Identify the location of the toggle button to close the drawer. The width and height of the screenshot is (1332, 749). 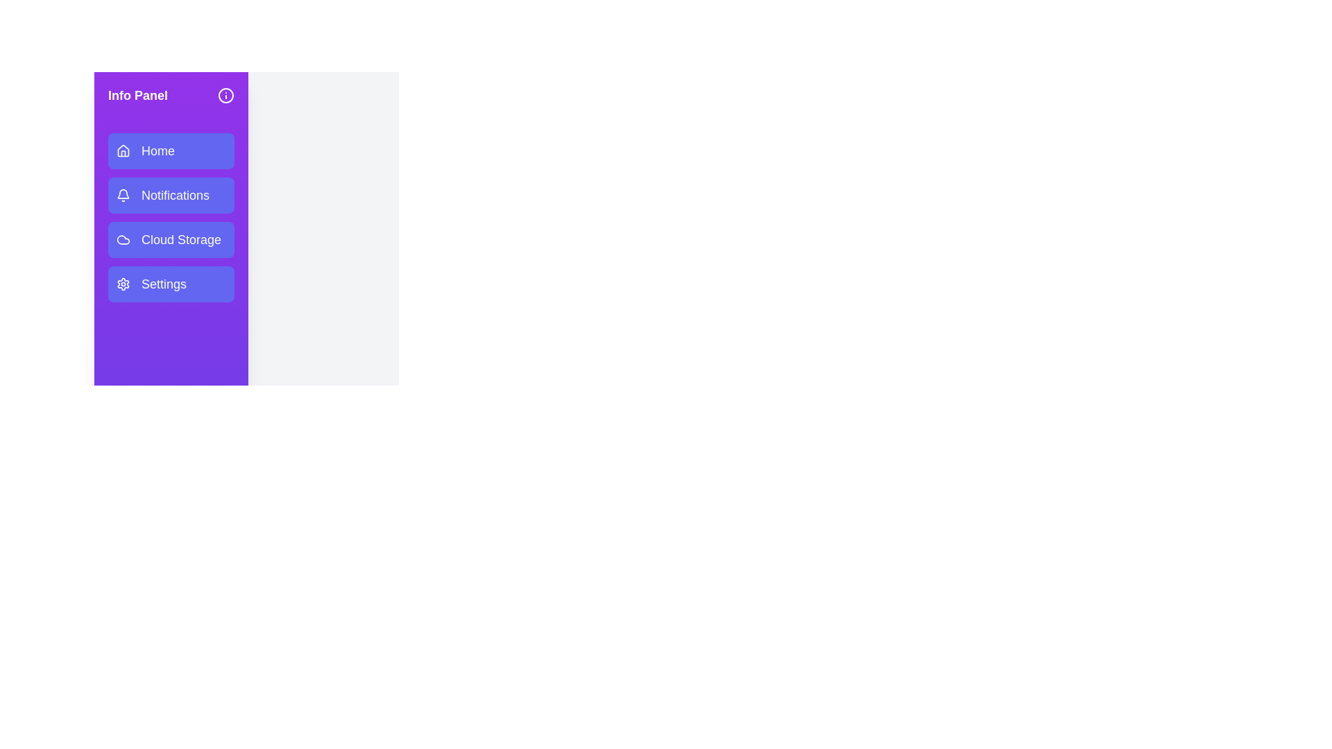
(225, 95).